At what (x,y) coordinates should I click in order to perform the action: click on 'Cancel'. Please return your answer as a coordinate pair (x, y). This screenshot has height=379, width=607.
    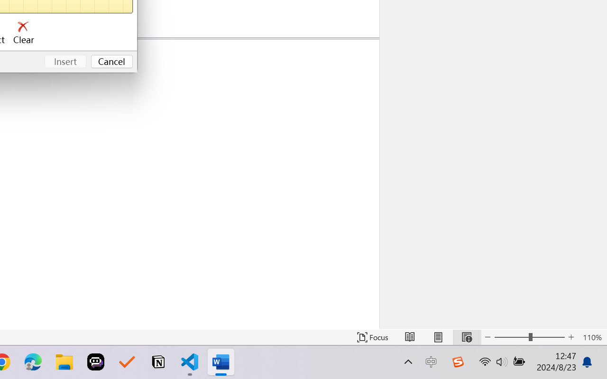
    Looking at the image, I should click on (112, 61).